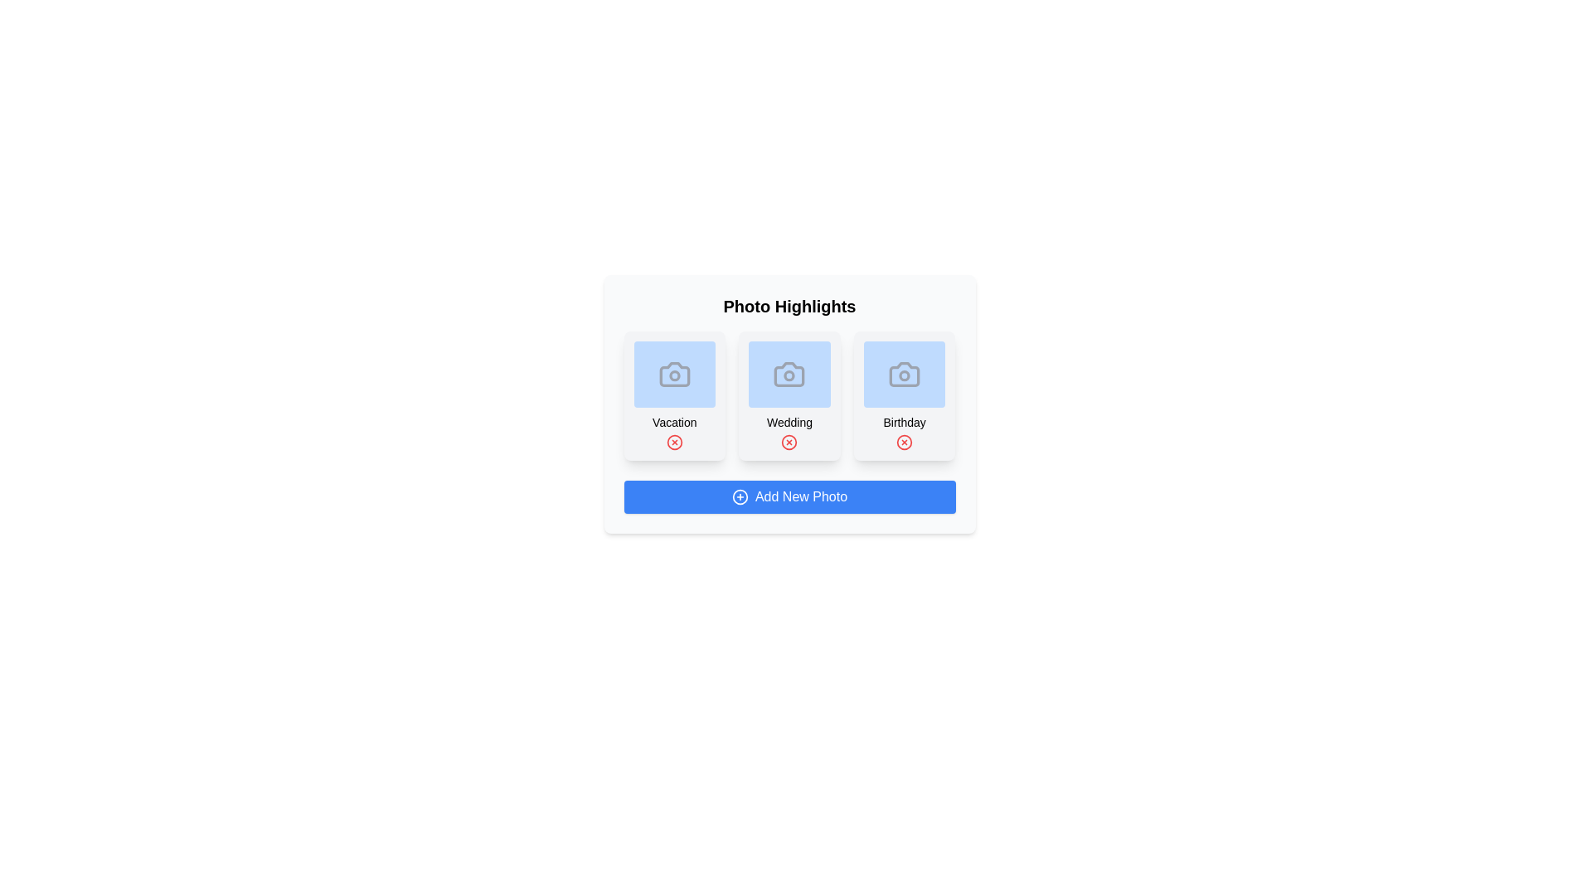 The height and width of the screenshot is (895, 1592). Describe the element at coordinates (789, 496) in the screenshot. I see `the 'Add New Photo' button` at that location.